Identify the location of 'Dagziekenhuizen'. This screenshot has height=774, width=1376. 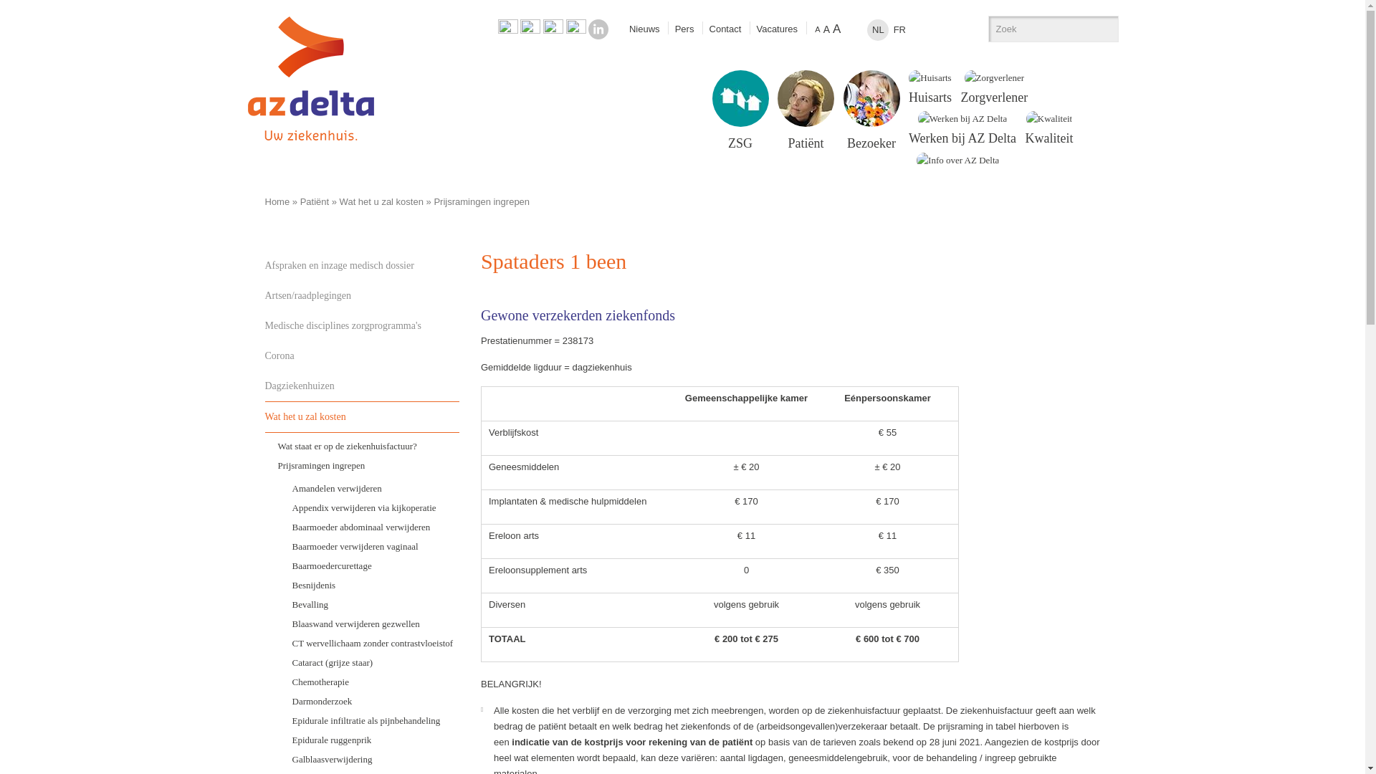
(362, 386).